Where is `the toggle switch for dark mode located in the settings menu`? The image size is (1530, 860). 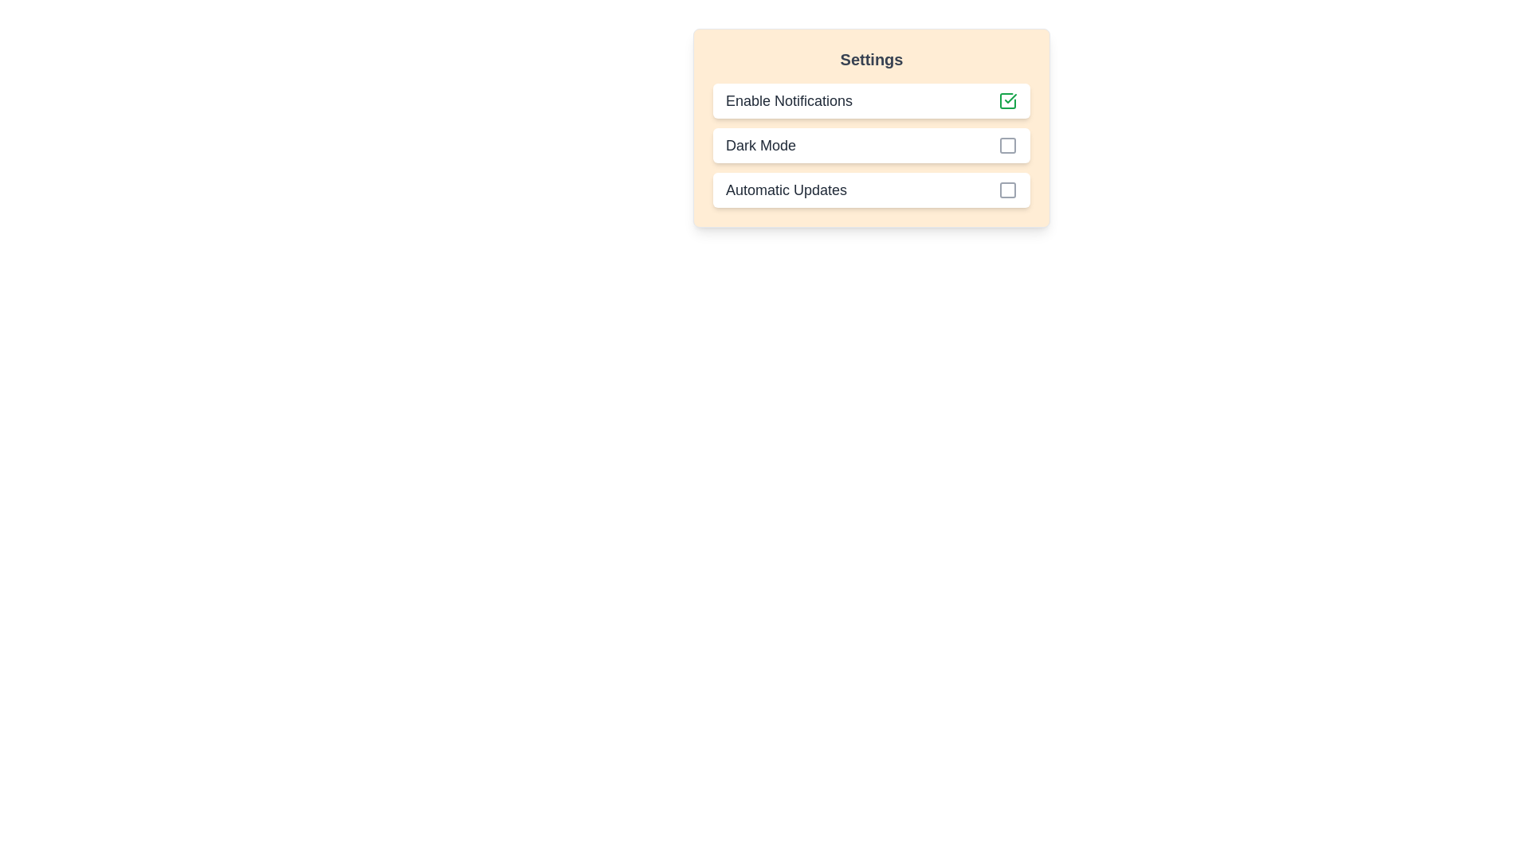 the toggle switch for dark mode located in the settings menu is located at coordinates (871, 145).